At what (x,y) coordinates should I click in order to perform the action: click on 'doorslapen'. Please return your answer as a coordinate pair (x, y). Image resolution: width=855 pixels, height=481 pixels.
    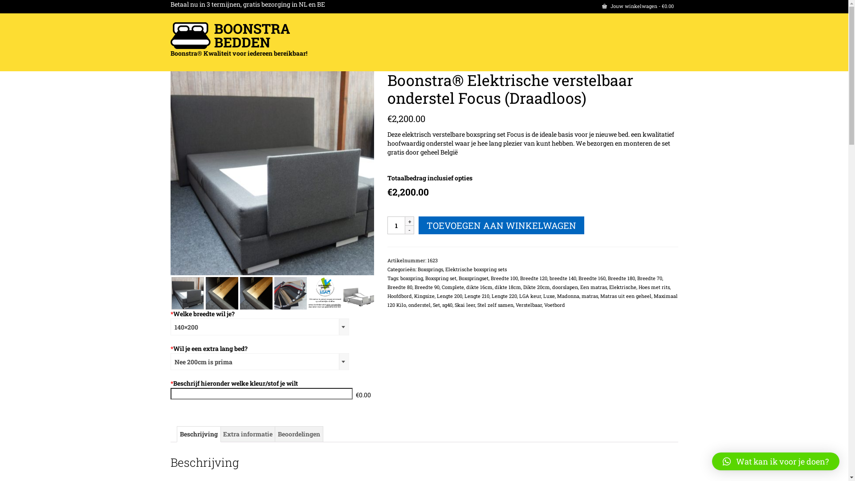
    Looking at the image, I should click on (564, 287).